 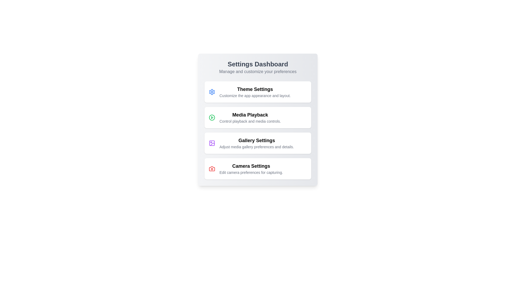 I want to click on the settings cogwheel icon located in the top-right corner of the interface, which represents configuration options, so click(x=212, y=91).